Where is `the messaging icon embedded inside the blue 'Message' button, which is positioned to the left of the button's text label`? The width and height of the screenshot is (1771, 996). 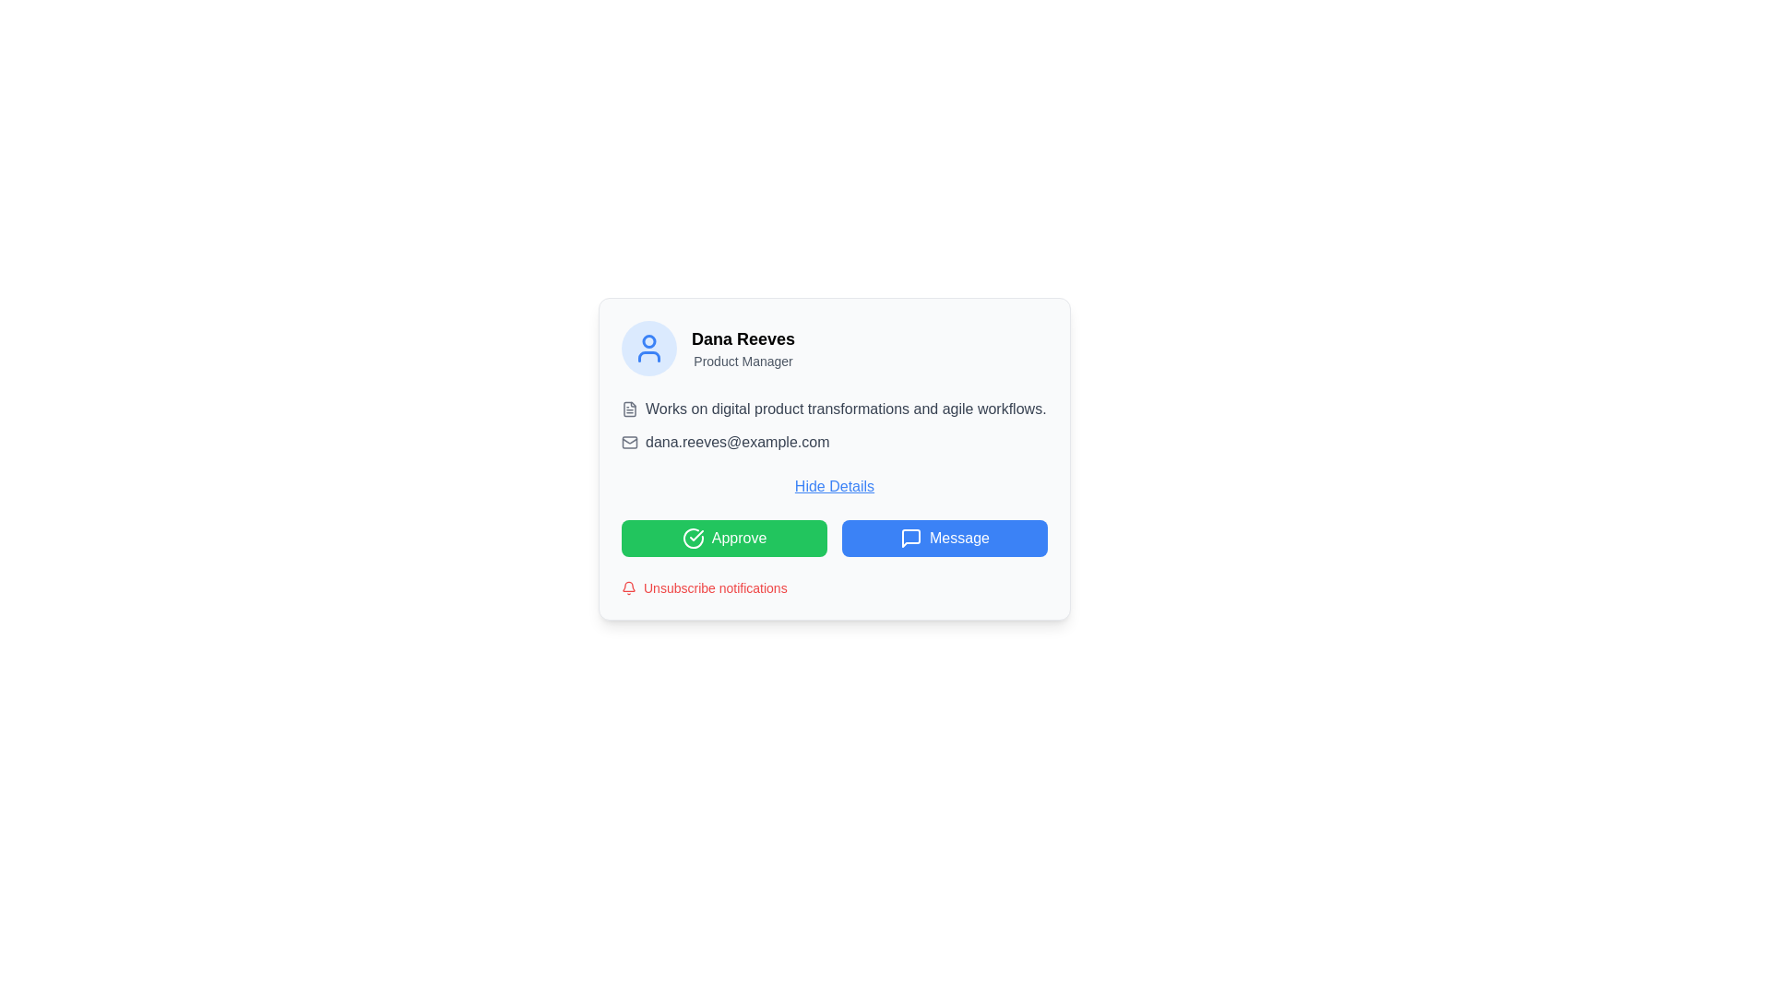
the messaging icon embedded inside the blue 'Message' button, which is positioned to the left of the button's text label is located at coordinates (911, 538).